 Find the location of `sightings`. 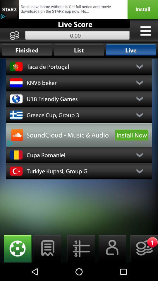

sightings is located at coordinates (16, 248).